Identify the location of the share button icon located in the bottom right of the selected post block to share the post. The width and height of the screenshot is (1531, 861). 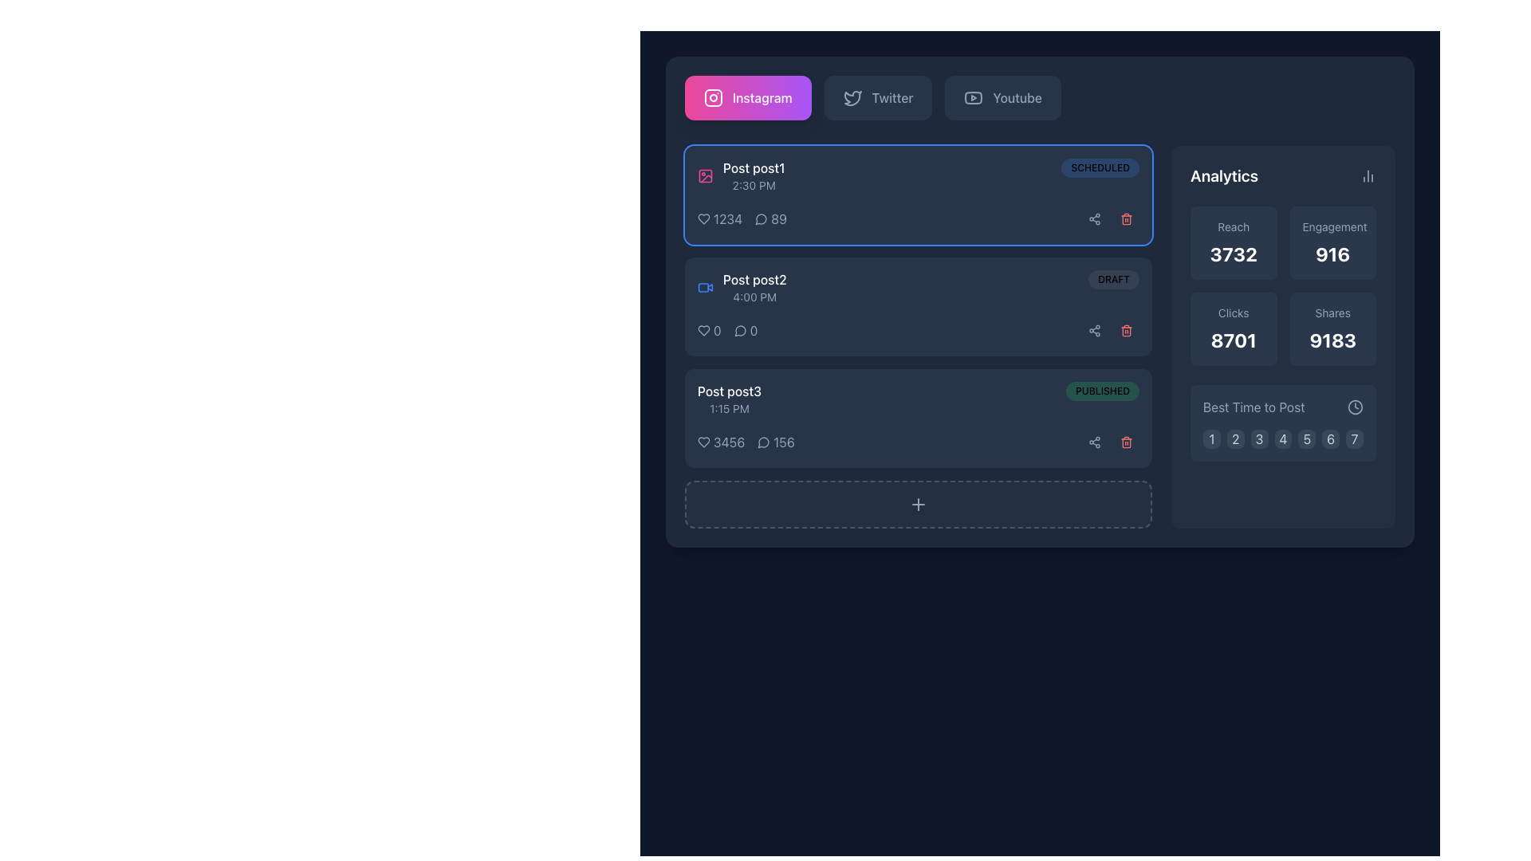
(1093, 442).